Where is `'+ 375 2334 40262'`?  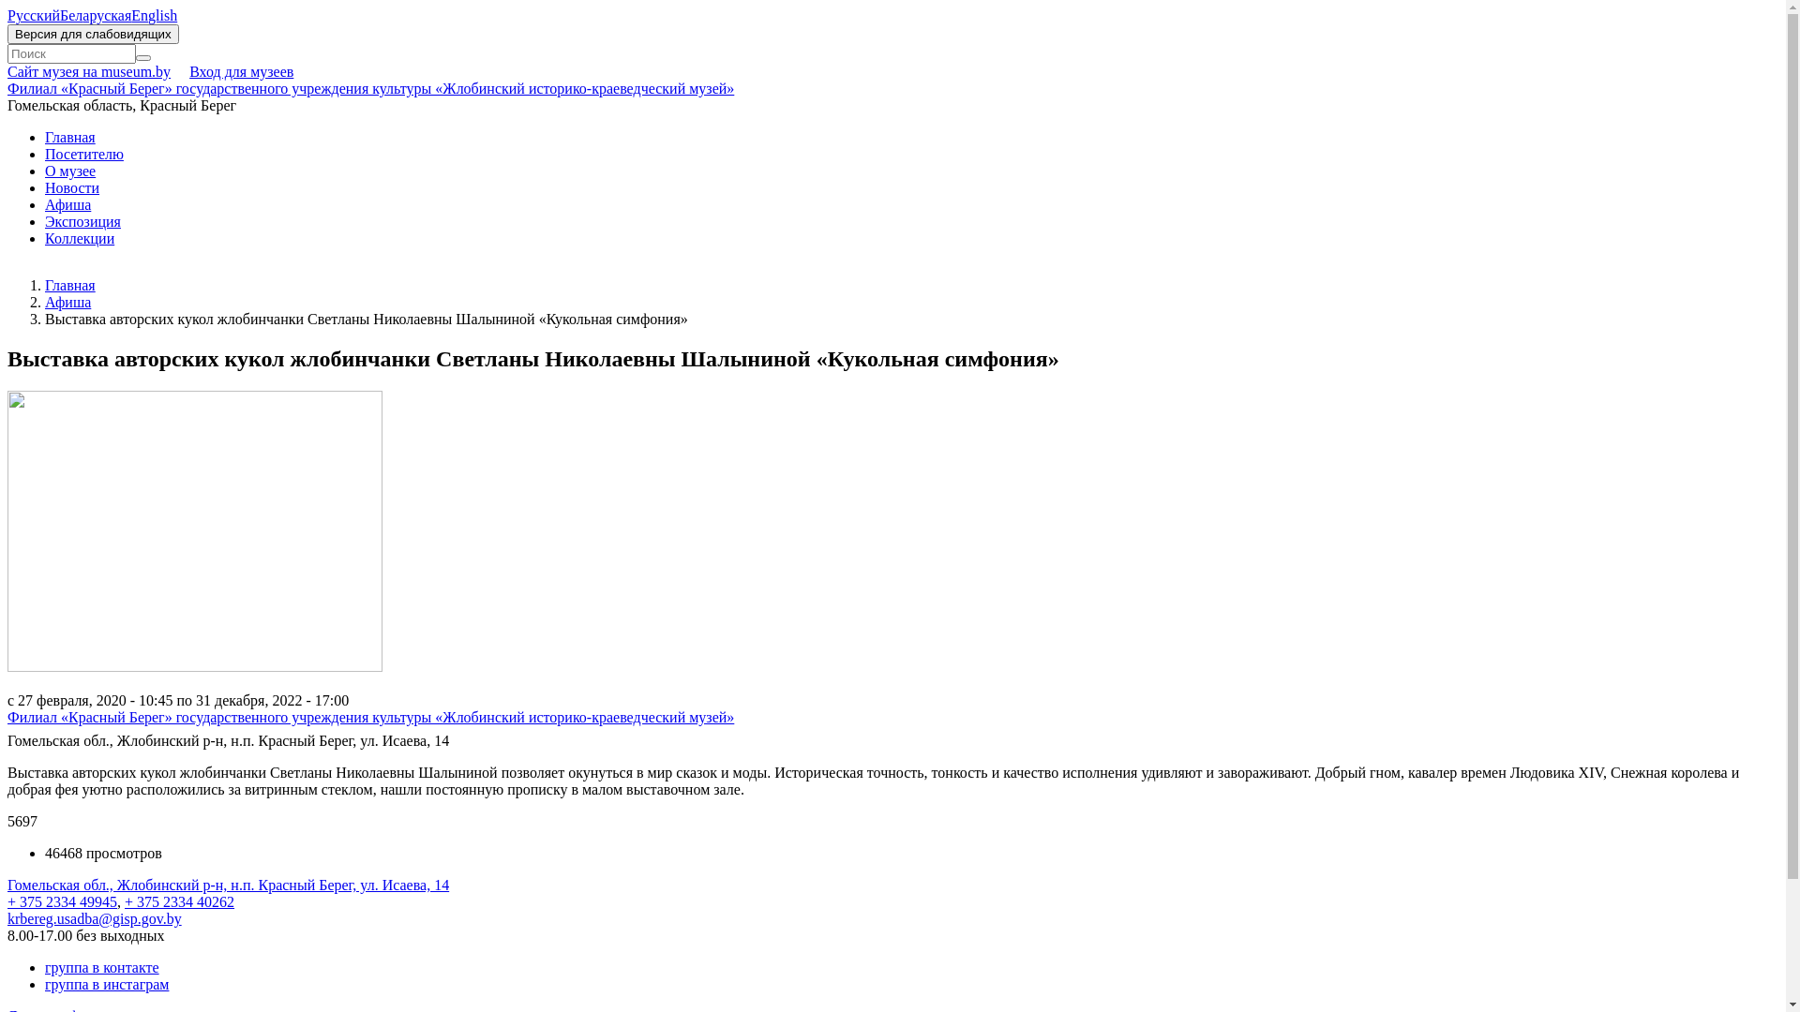
'+ 375 2334 40262' is located at coordinates (179, 900).